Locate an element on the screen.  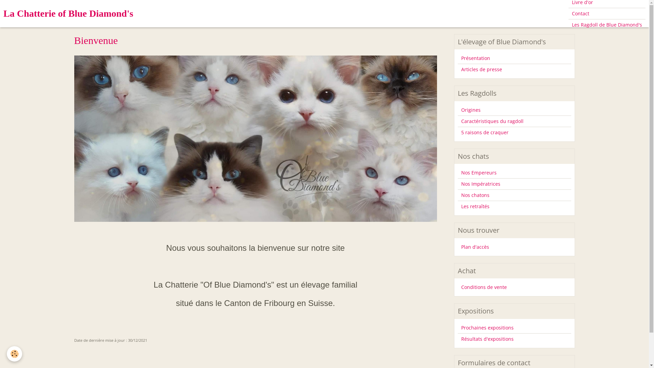
'Origines' is located at coordinates (514, 110).